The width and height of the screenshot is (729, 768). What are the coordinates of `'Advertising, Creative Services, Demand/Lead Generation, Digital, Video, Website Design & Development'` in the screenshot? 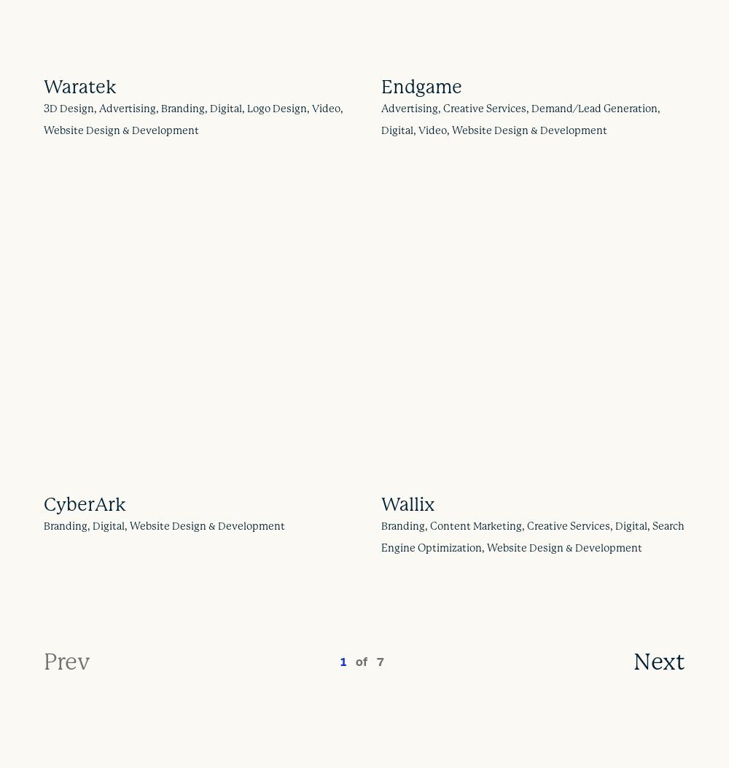 It's located at (381, 117).